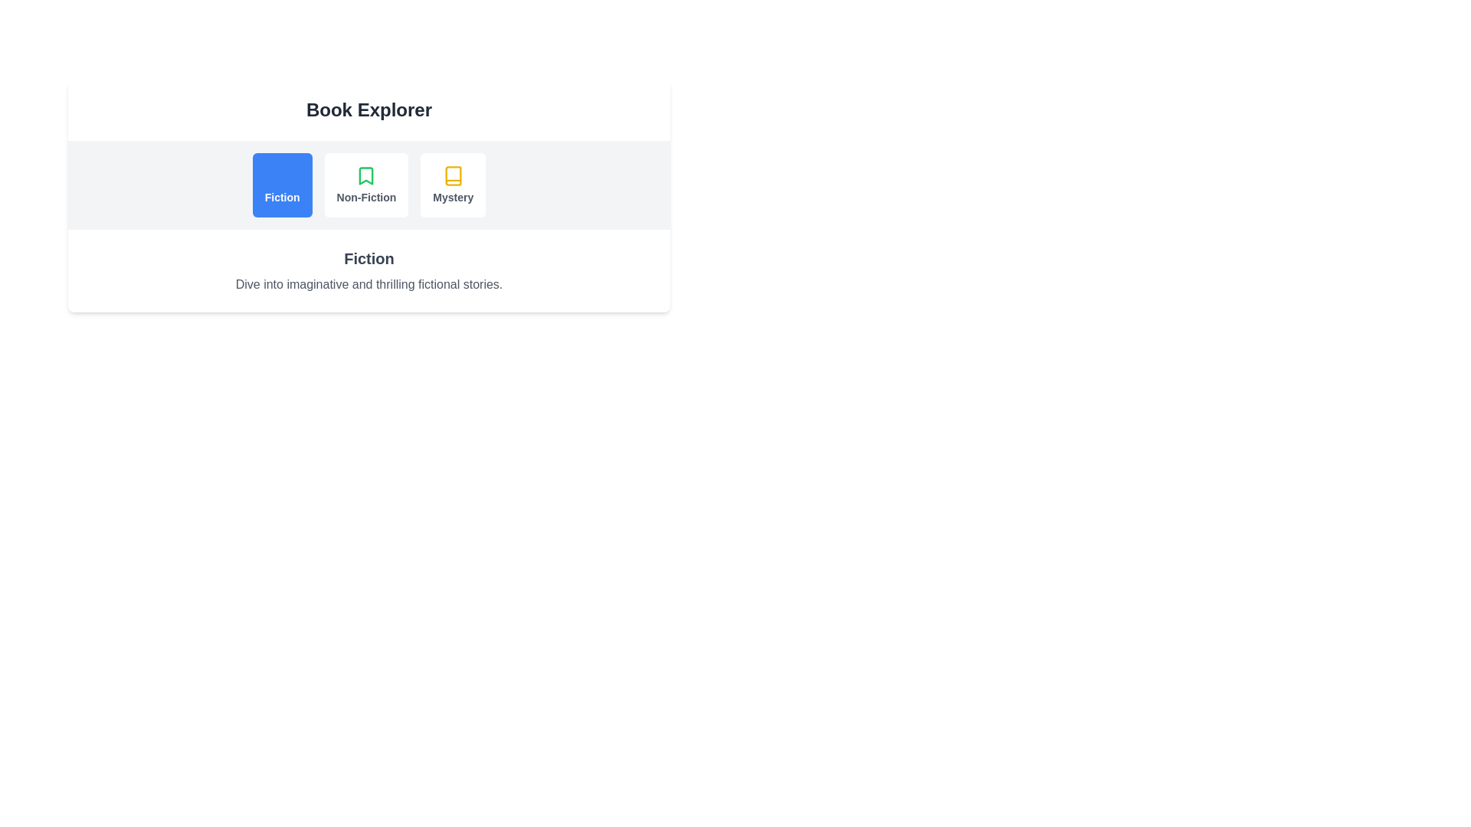 The image size is (1471, 827). Describe the element at coordinates (365, 185) in the screenshot. I see `the tab labeled Non-Fiction to activate it` at that location.